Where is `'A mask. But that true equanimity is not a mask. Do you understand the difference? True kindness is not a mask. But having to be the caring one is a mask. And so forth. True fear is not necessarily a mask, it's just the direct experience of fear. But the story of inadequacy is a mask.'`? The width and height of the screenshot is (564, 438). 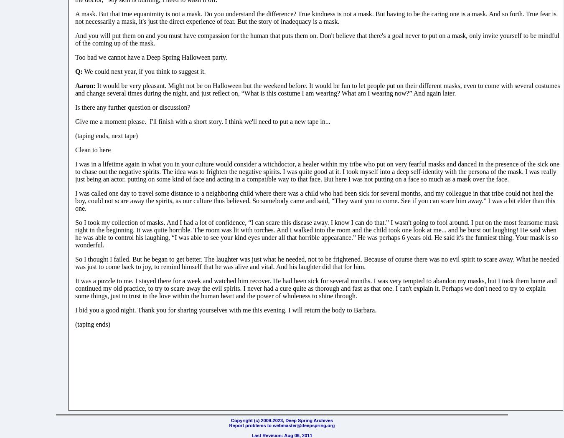
'A mask. But that true equanimity is not a mask. Do you understand the difference? True kindness is not a mask. But having to be the caring one is a mask. And so forth. True fear is not necessarily a mask, it's just the direct experience of fear. But the story of inadequacy is a mask.' is located at coordinates (75, 17).